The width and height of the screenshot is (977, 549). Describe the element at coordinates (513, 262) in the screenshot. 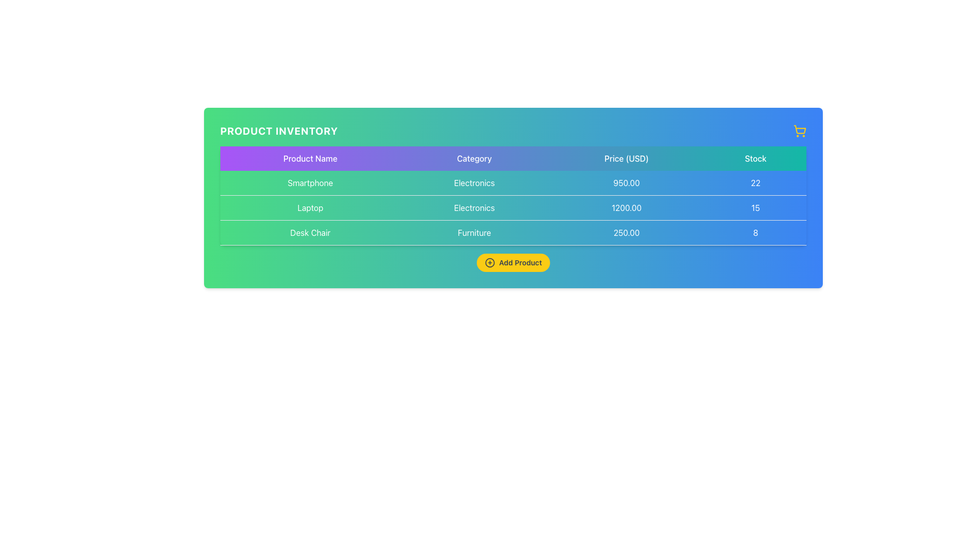

I see `the yellow rounded button labeled 'Add Product' located at the bottom center of the interface` at that location.